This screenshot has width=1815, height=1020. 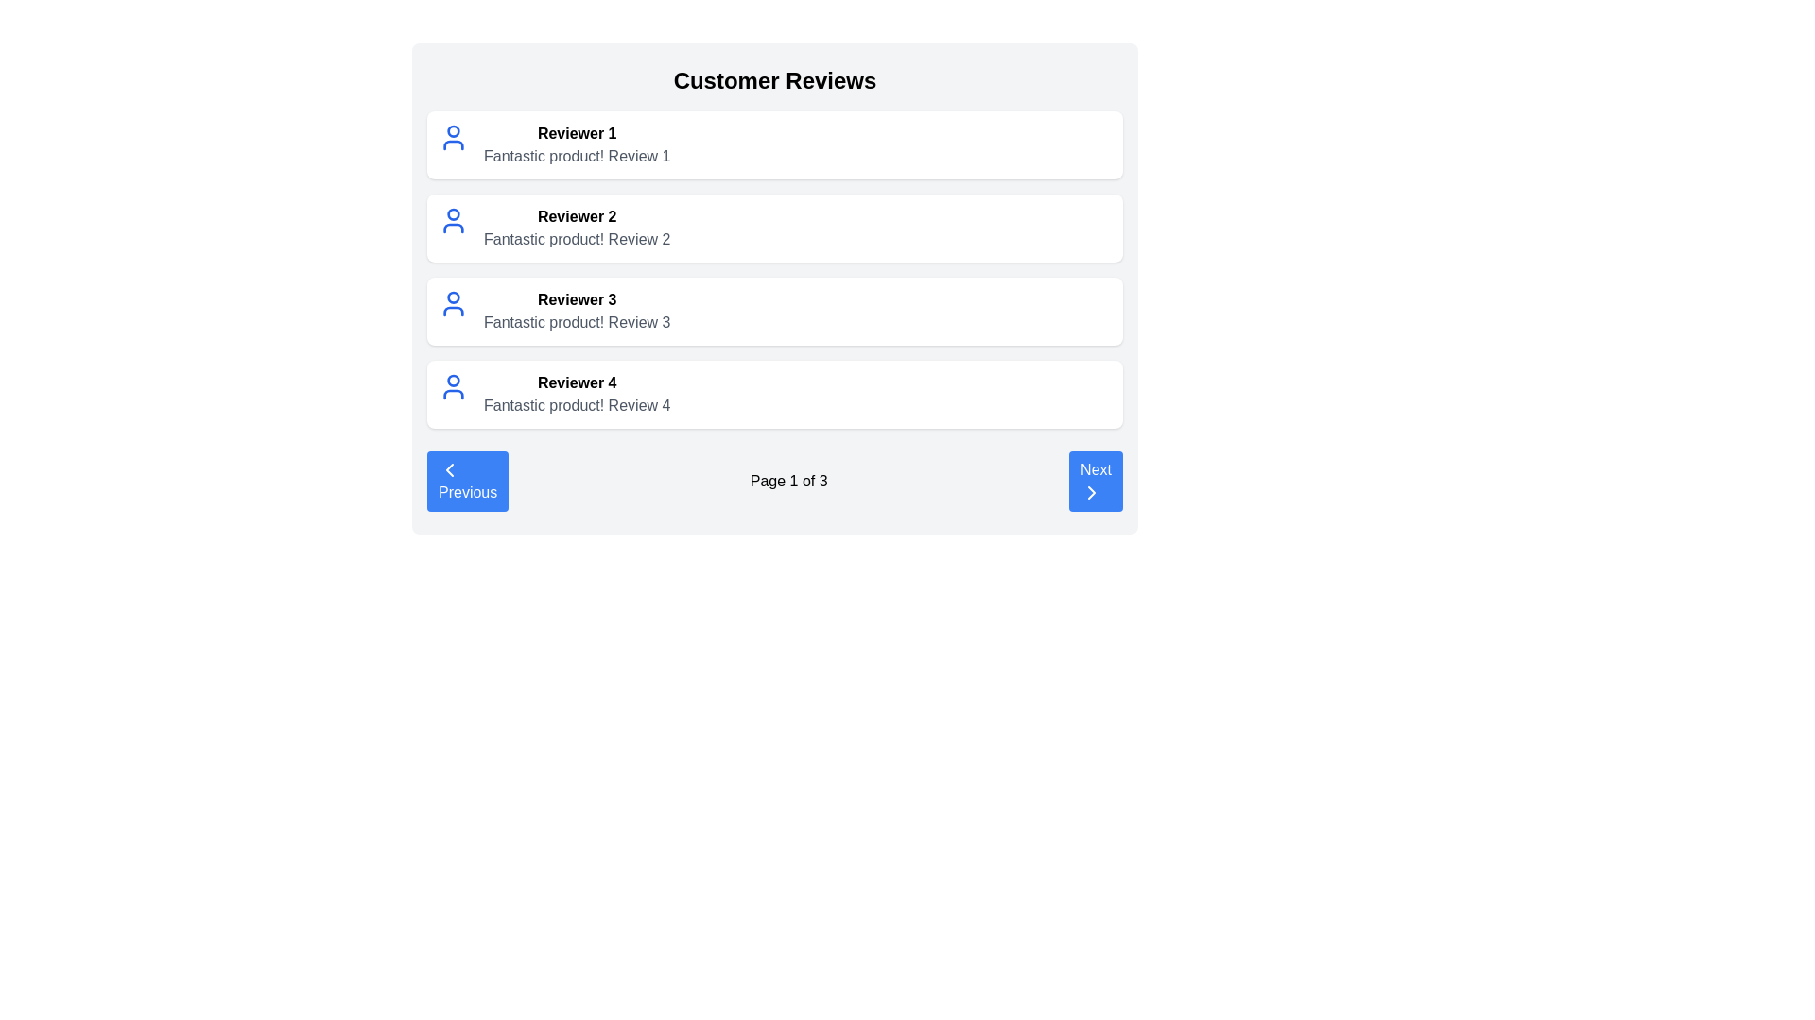 I want to click on the right-pointing chevron icon on the blue circular button located within the 'Next' button, so click(x=1092, y=491).